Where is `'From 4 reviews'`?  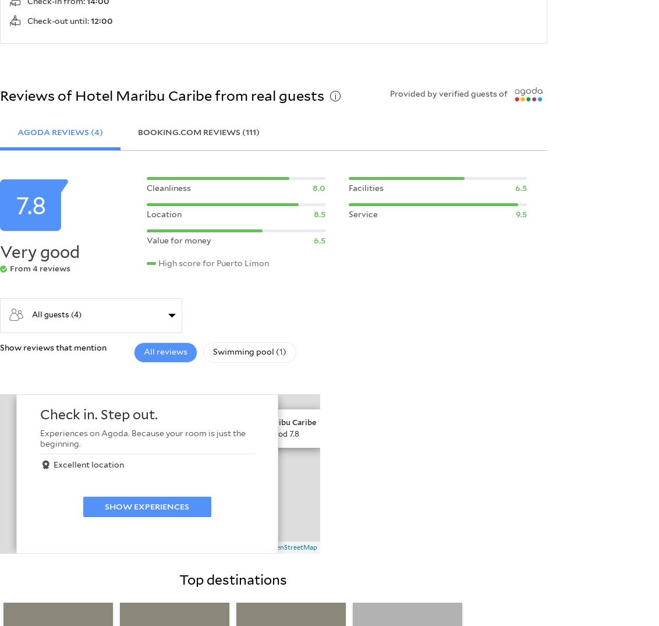
'From 4 reviews' is located at coordinates (40, 268).